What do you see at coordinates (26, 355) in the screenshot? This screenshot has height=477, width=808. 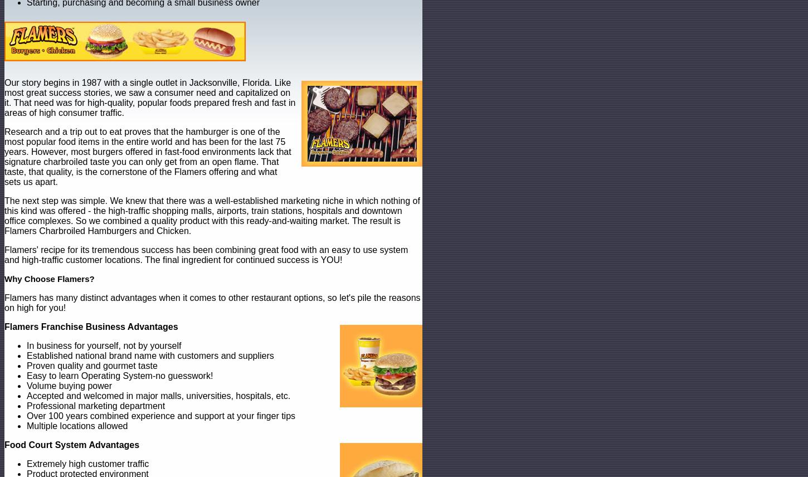 I see `'Established national brand name with customers and suppliers'` at bounding box center [26, 355].